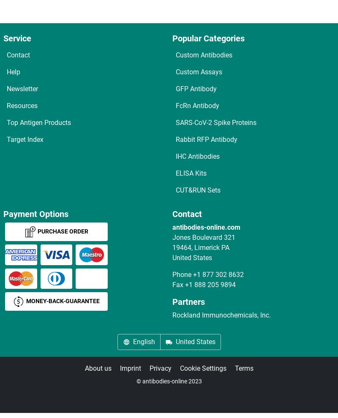 This screenshot has height=418, width=338. What do you see at coordinates (176, 106) in the screenshot?
I see `'FcRn Antibody'` at bounding box center [176, 106].